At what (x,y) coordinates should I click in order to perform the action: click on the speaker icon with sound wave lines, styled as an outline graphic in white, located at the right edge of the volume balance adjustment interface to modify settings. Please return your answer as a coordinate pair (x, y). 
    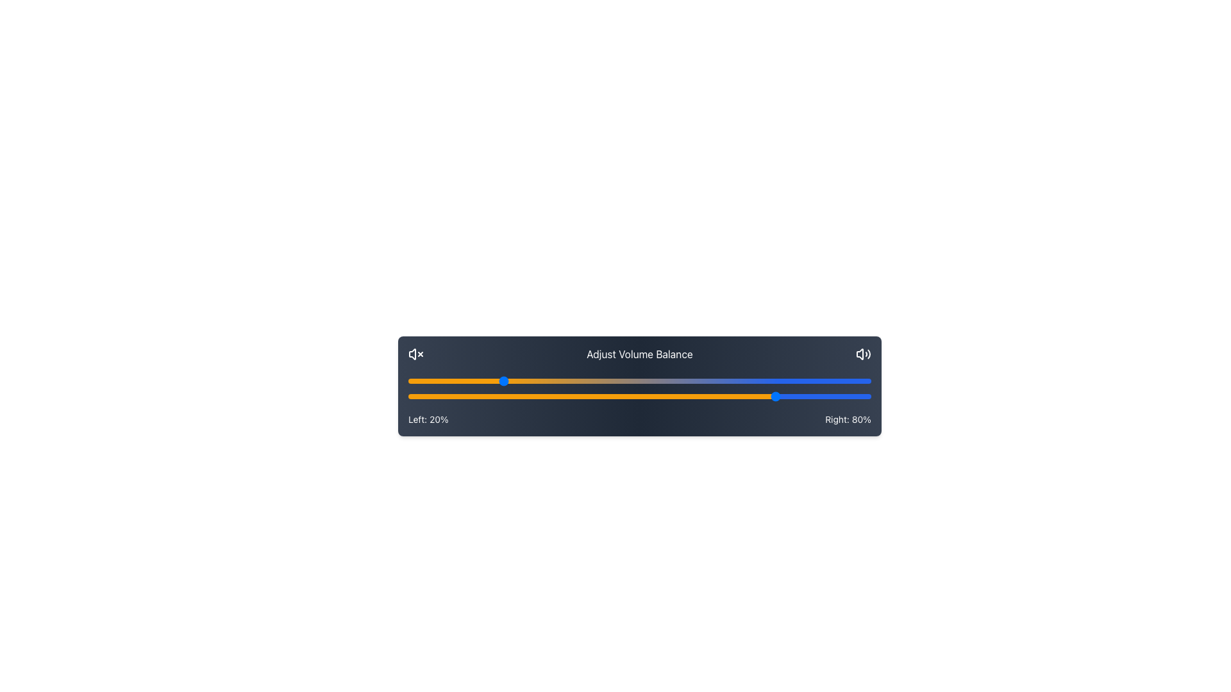
    Looking at the image, I should click on (864, 354).